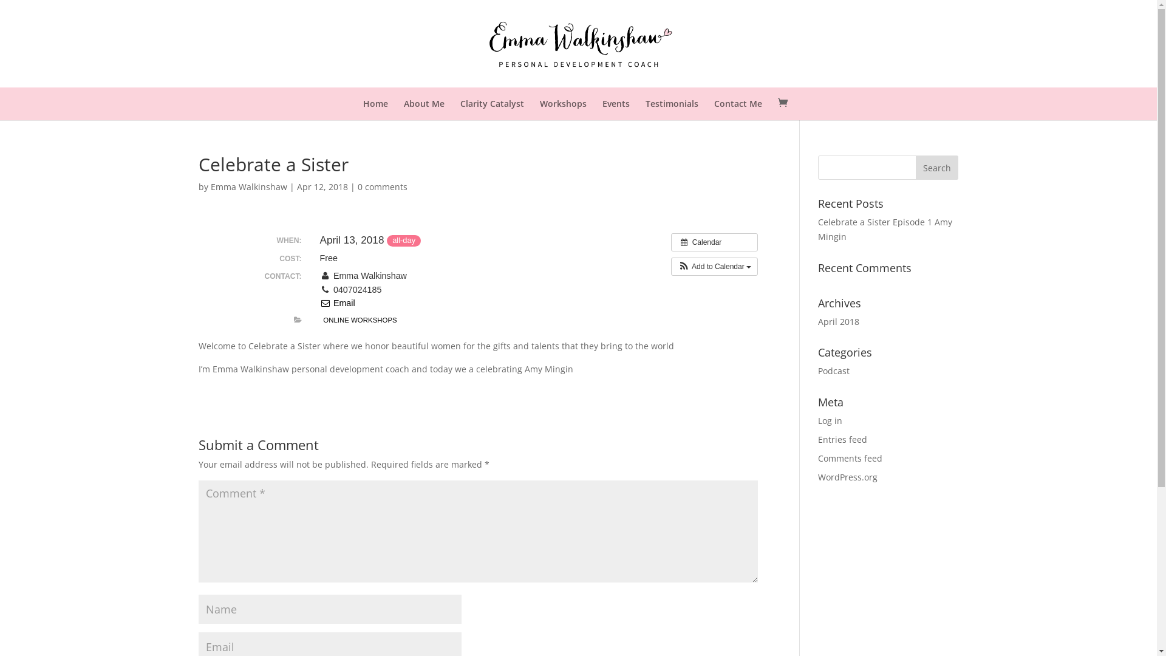 The image size is (1166, 656). Describe the element at coordinates (562, 103) in the screenshot. I see `'Workshops'` at that location.